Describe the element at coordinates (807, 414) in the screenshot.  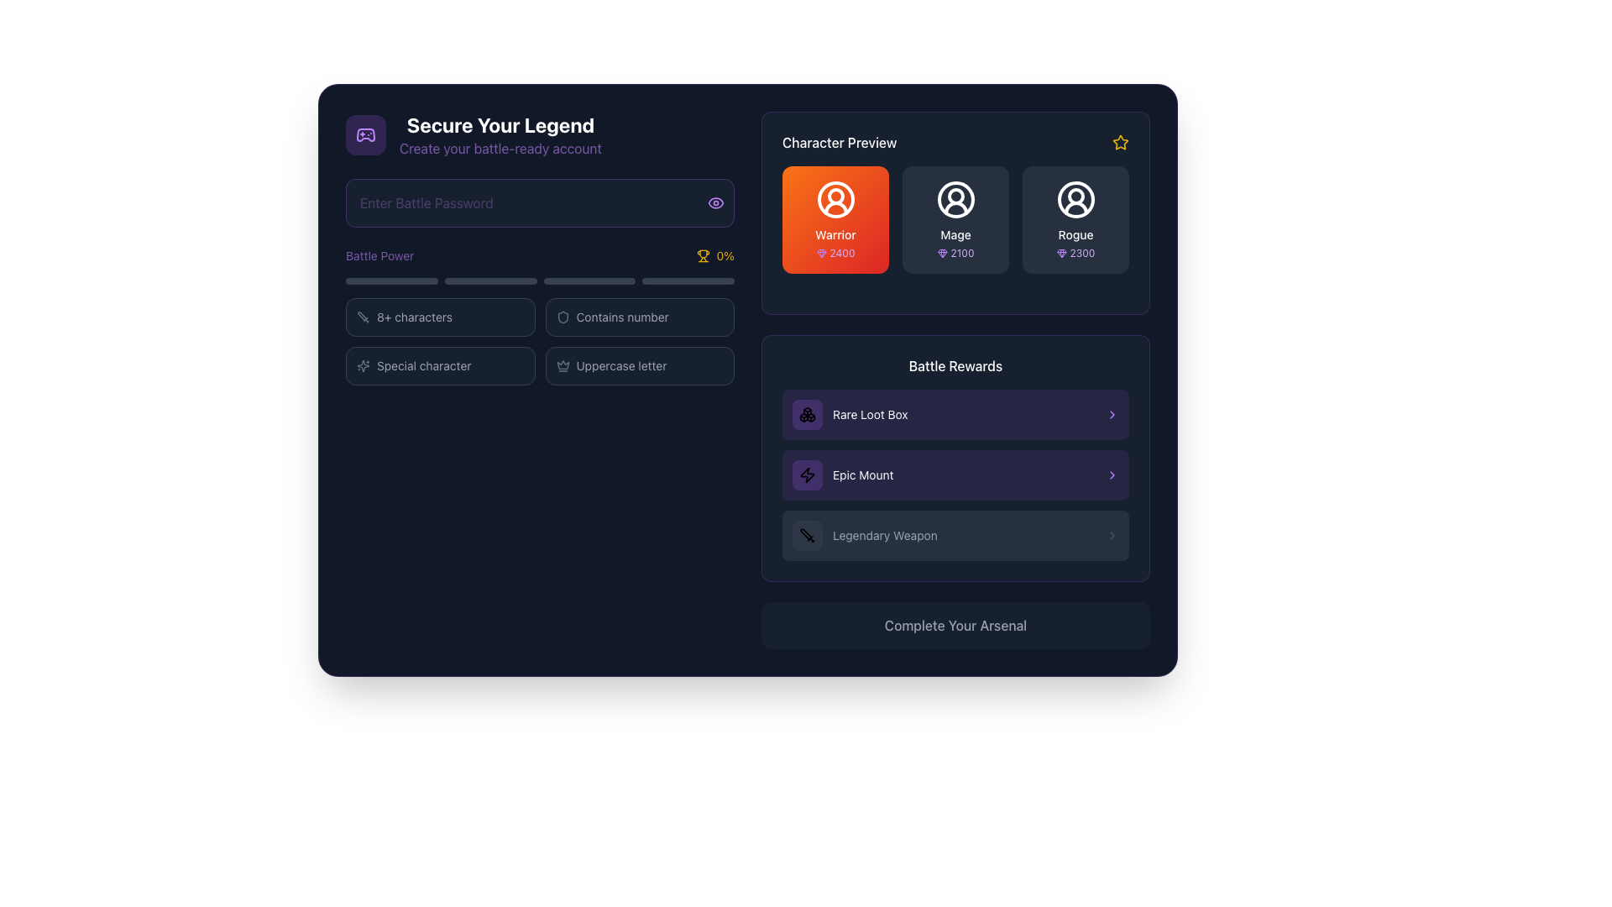
I see `the small square-shaped icon with a light purple background and an SVG illustration of three boxes, located in the upper-left corner of the 'Rare Loot Box' row in the 'Battle Rewards' section` at that location.